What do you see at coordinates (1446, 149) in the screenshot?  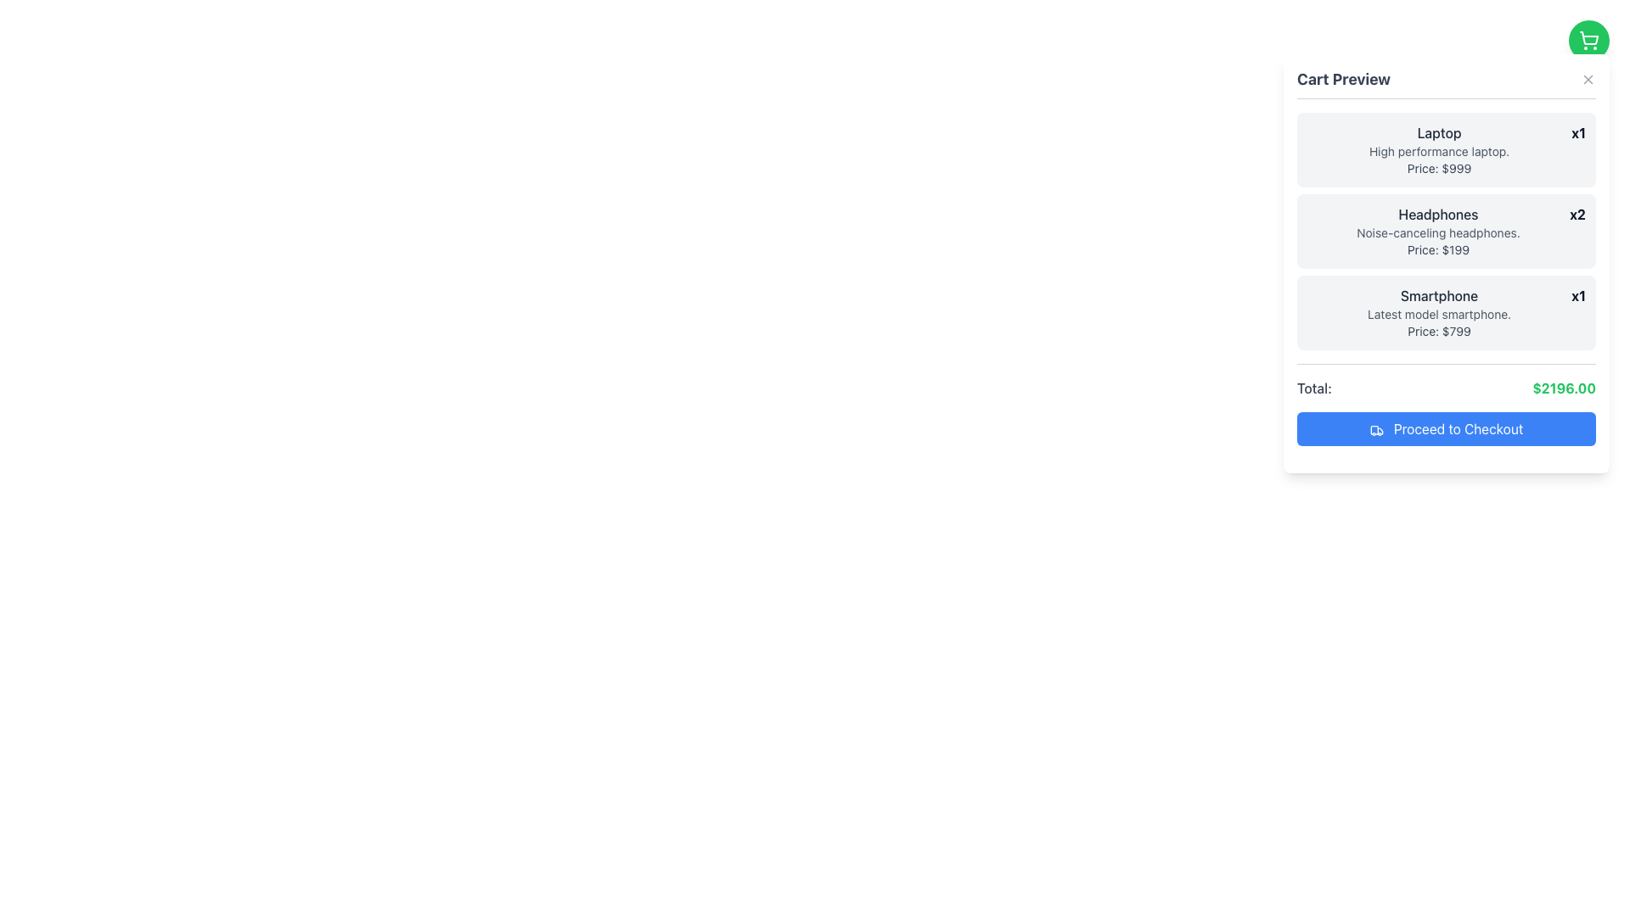 I see `the first list item in the shopping cart that describes a 'Laptop', including its title, description, price, and quantity` at bounding box center [1446, 149].